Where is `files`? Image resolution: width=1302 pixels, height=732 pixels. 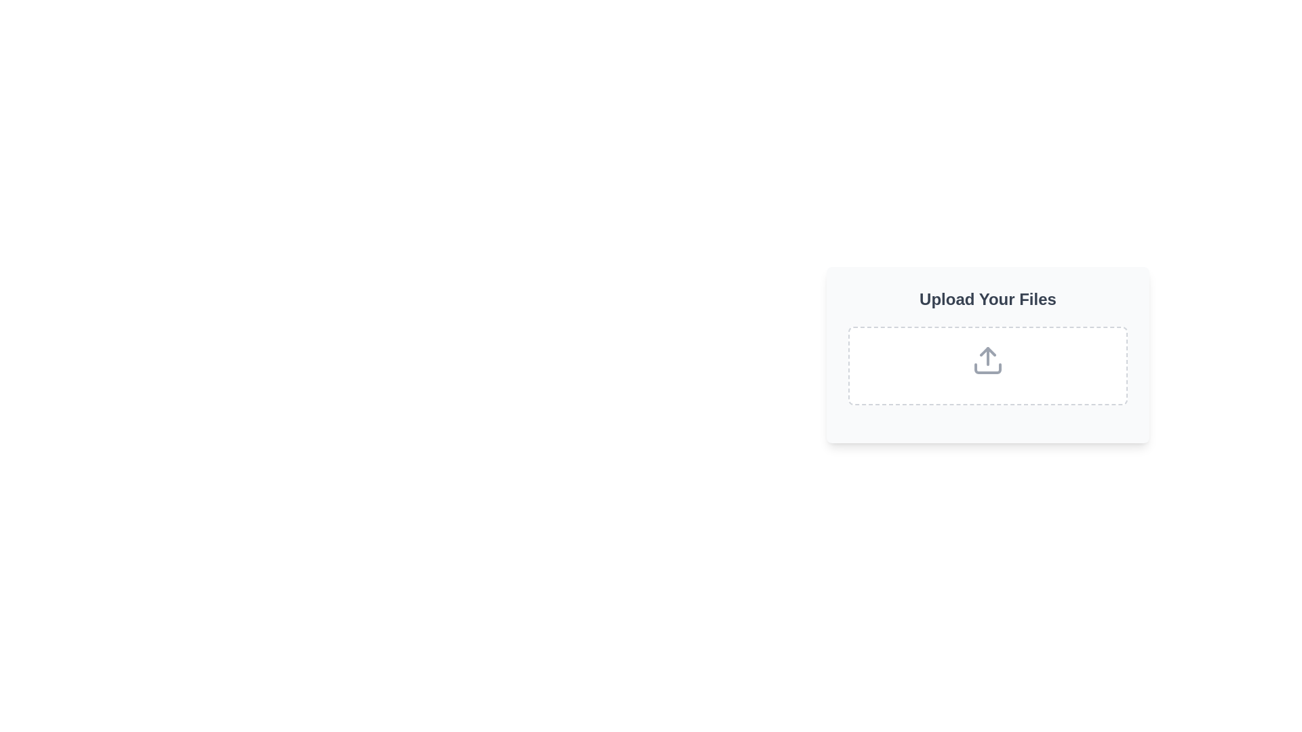
files is located at coordinates (988, 366).